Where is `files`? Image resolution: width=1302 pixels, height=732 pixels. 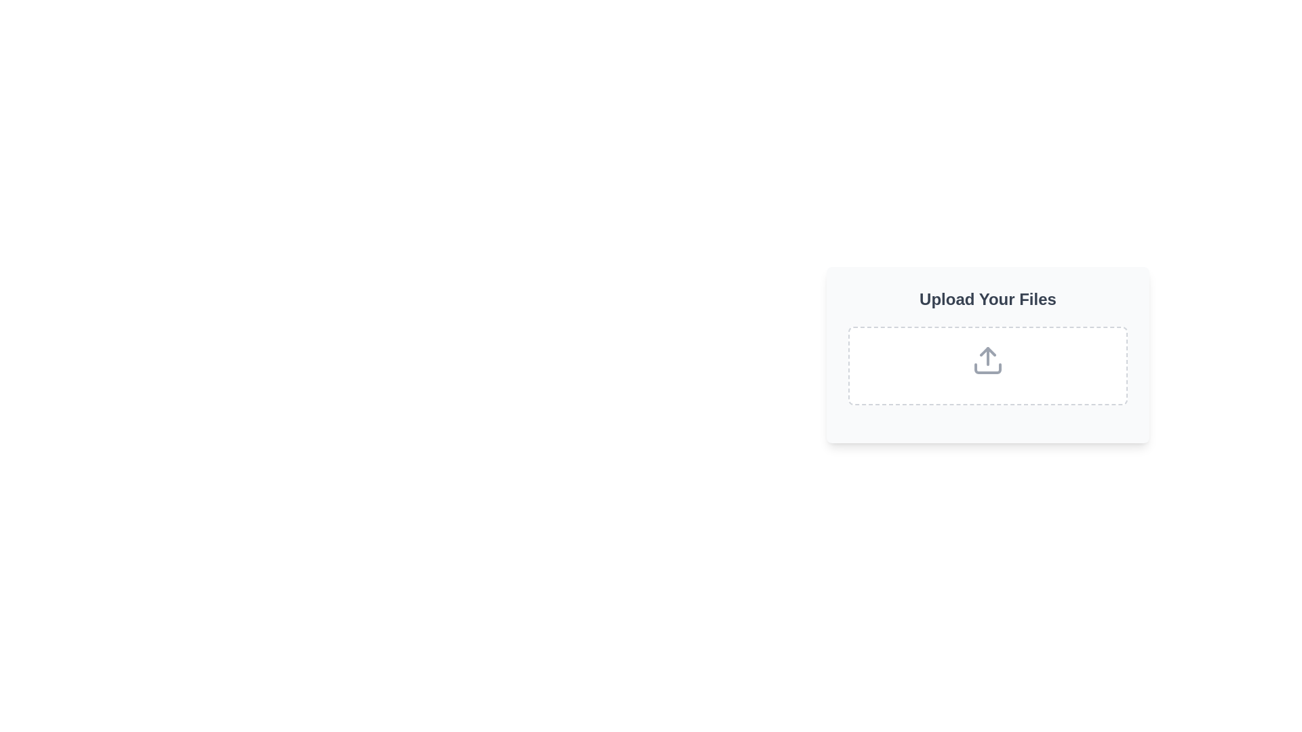
files is located at coordinates (988, 366).